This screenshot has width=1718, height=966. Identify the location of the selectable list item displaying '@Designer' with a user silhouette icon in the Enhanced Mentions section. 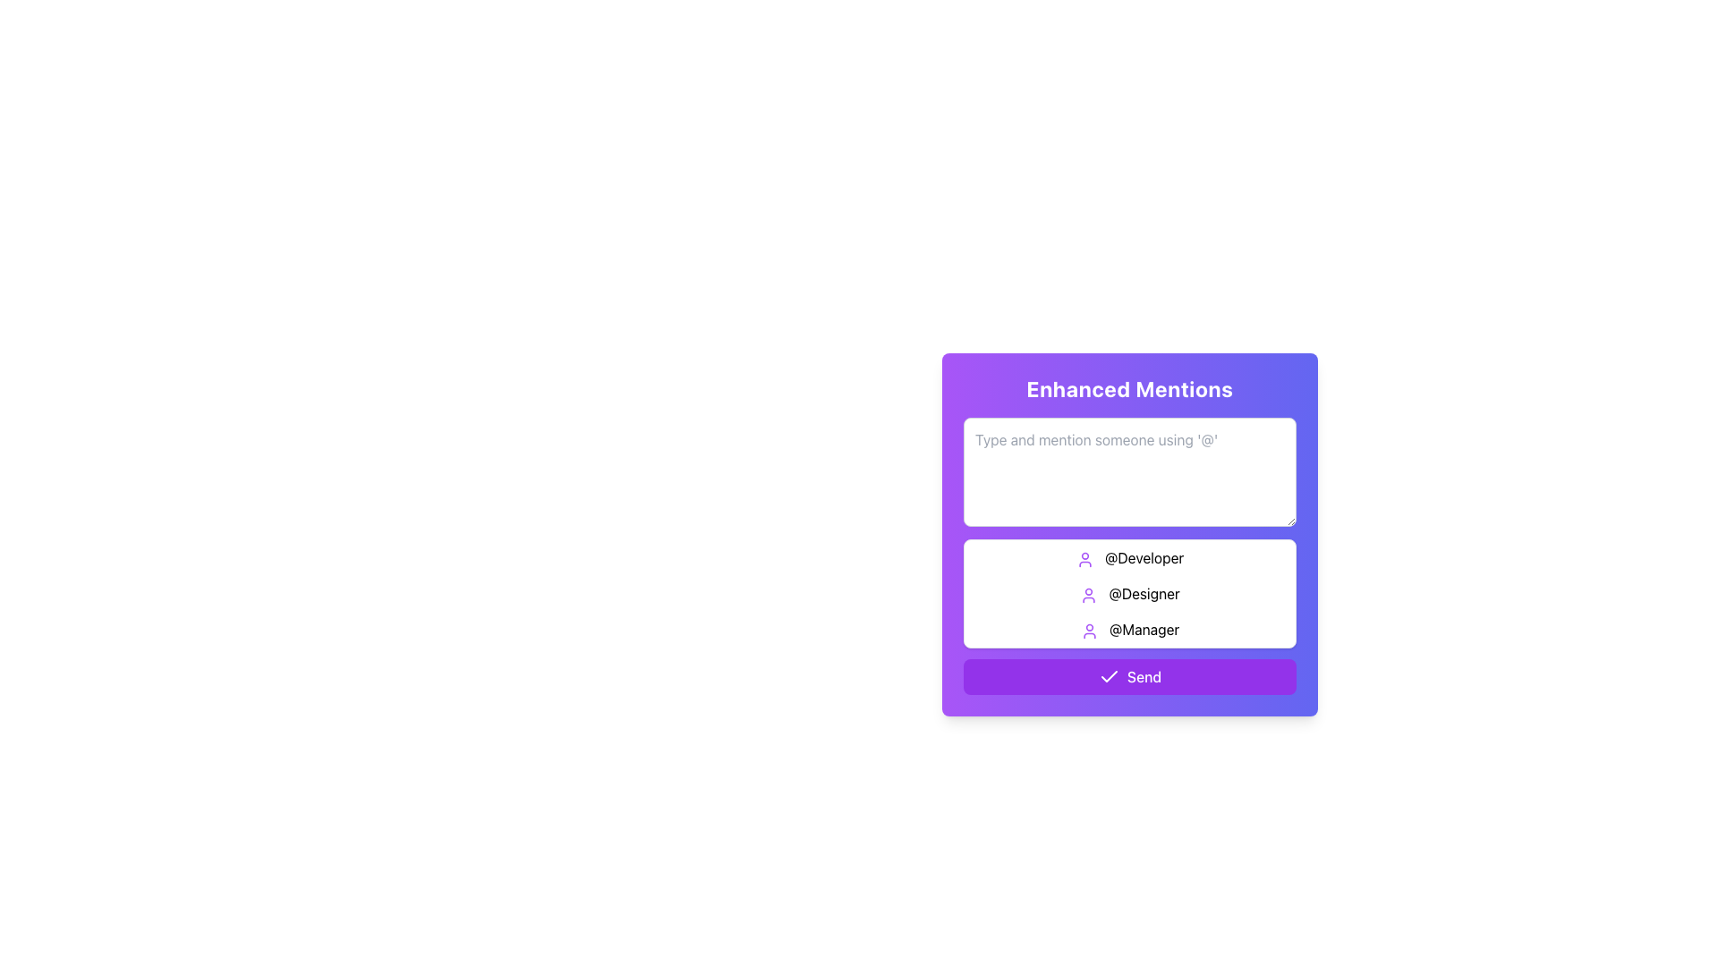
(1128, 593).